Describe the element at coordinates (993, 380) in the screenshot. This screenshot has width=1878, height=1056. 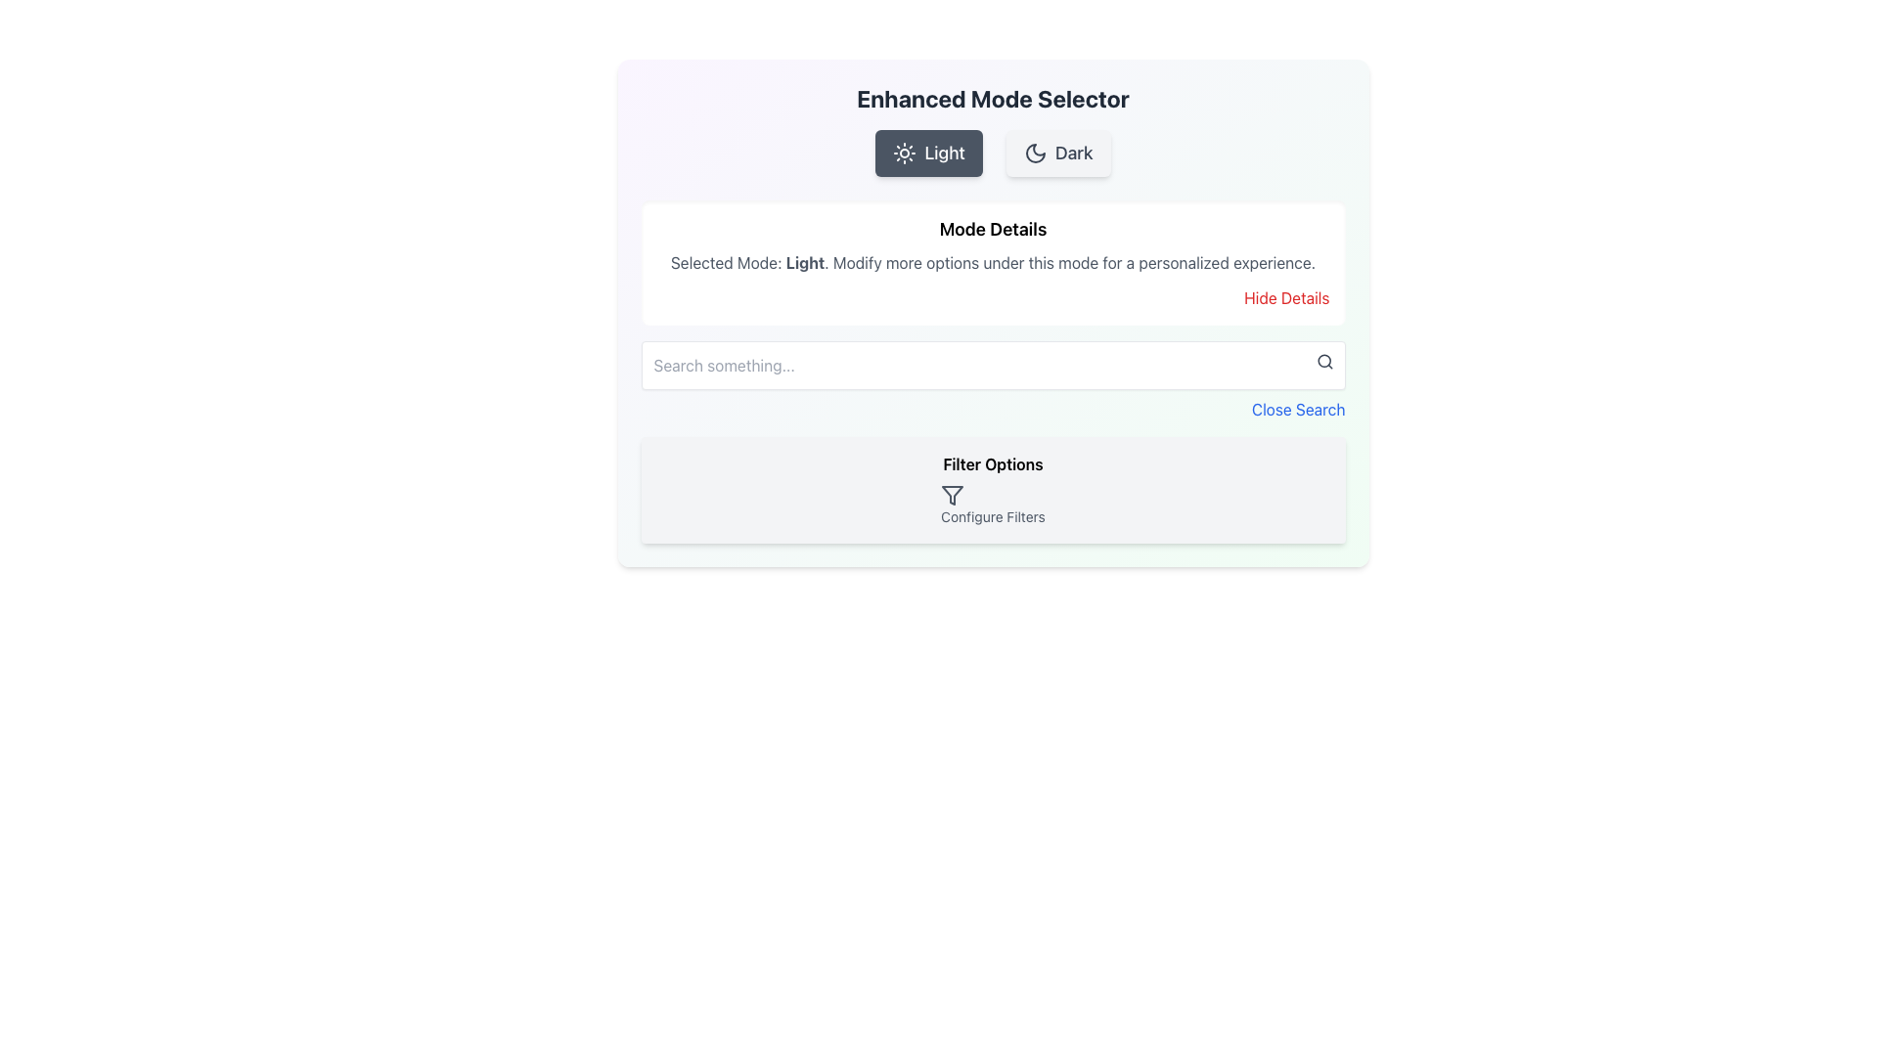
I see `the 'Close Search' hyperlink located in the 'Enhanced Mode Selector' section, which is positioned to the right of the search bar` at that location.